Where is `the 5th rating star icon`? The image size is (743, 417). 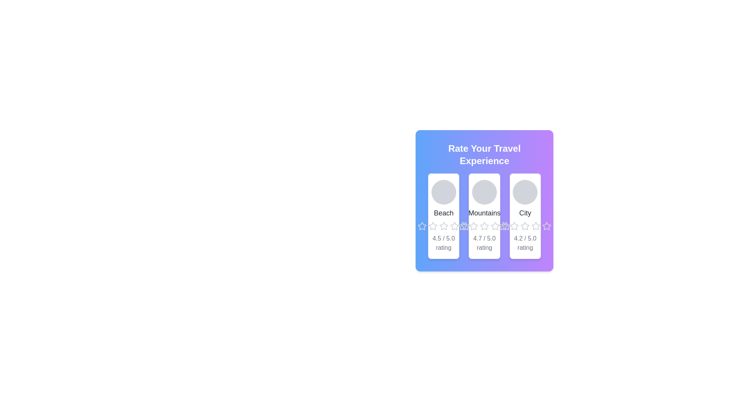
the 5th rating star icon is located at coordinates (546, 226).